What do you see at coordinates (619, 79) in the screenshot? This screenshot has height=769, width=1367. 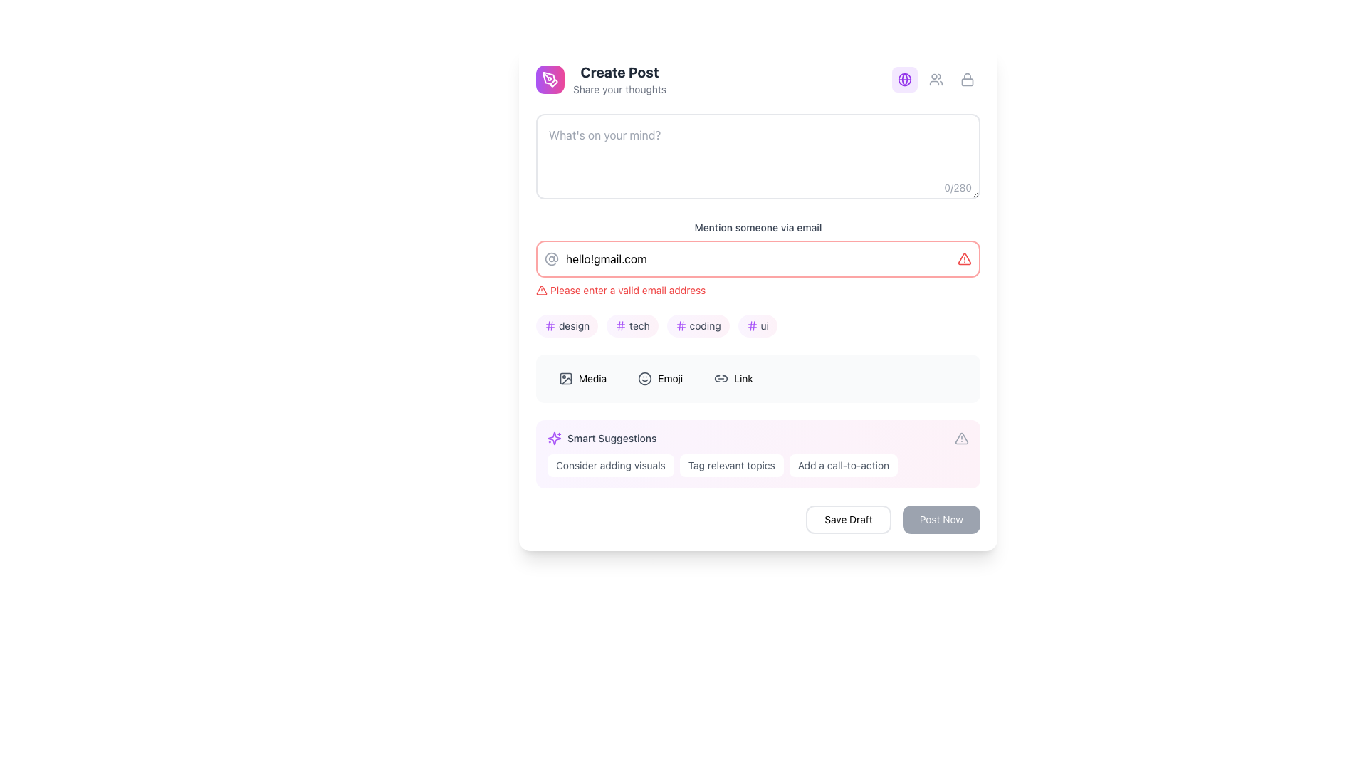 I see `the Header label that introduces the post creation section, located just to the right of a purple icon in the top-left corner of the interface` at bounding box center [619, 79].